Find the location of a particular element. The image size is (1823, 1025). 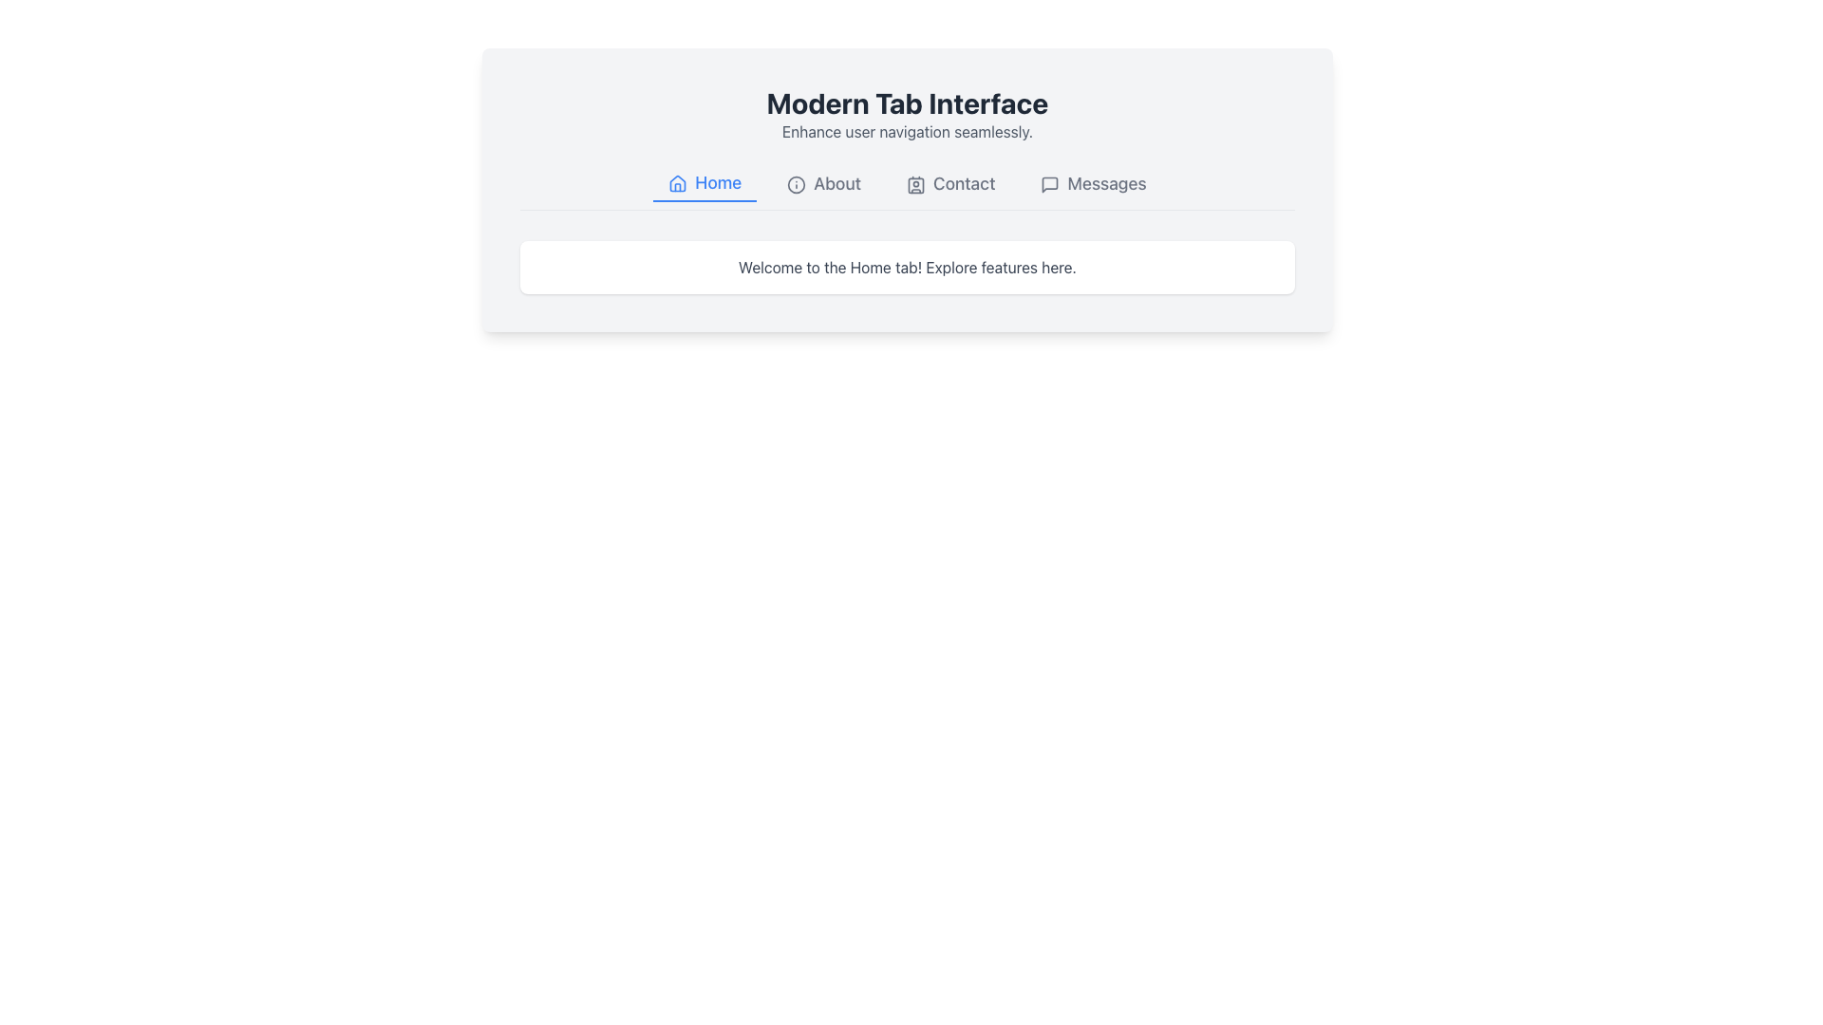

the 'Contact' icon indicator located in the navigation bar, which is positioned to the left of the 'Contact' text label is located at coordinates (915, 185).